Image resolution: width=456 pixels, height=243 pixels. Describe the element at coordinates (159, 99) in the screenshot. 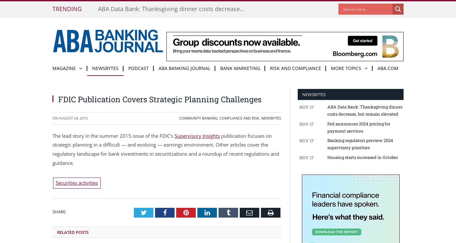

I see `'FDIC Publication Covers Strategic Planning Challenges'` at that location.